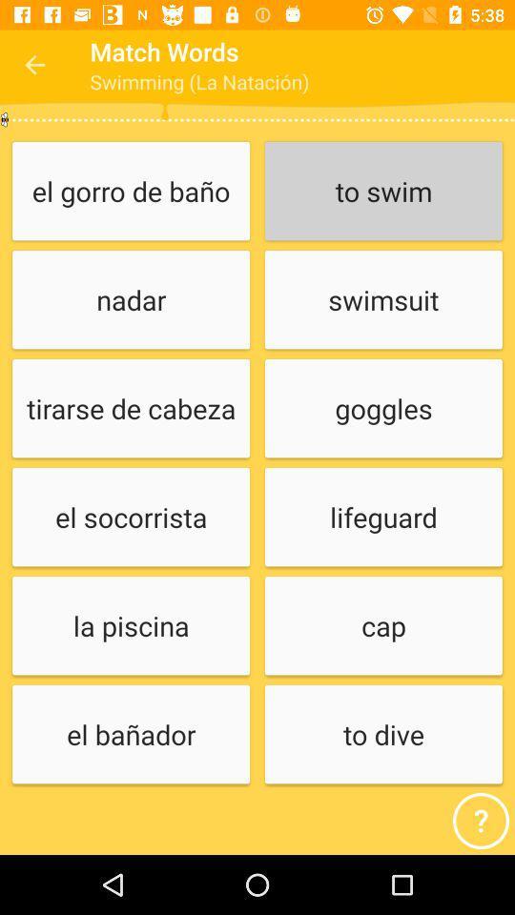 The image size is (515, 915). I want to click on the icon below nadar, so click(130, 409).